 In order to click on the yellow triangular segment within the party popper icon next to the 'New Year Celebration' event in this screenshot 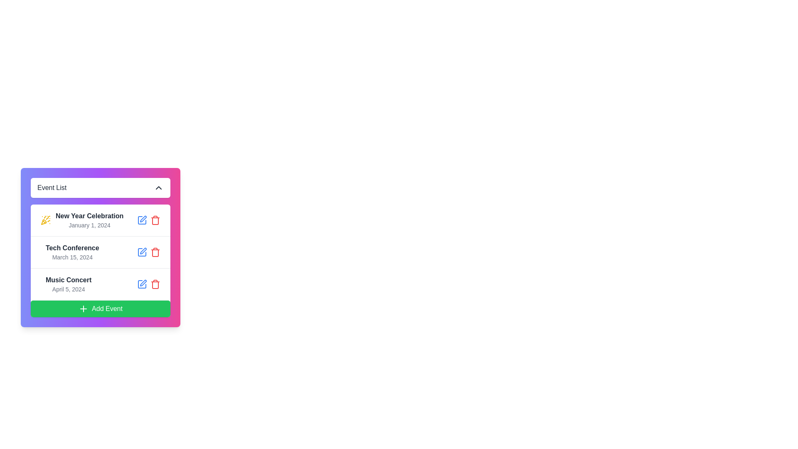, I will do `click(43, 222)`.